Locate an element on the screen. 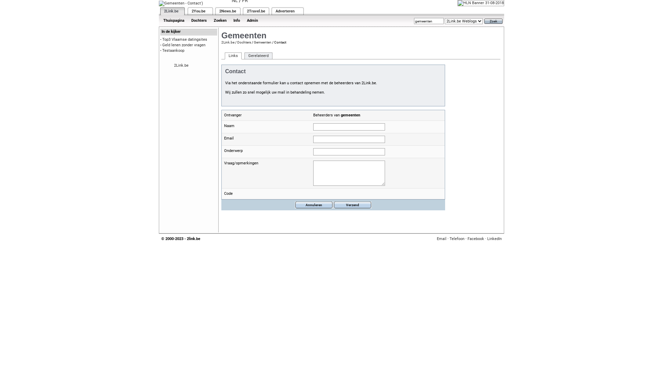 Image resolution: width=663 pixels, height=373 pixels. 'Telefoon' is located at coordinates (449, 238).